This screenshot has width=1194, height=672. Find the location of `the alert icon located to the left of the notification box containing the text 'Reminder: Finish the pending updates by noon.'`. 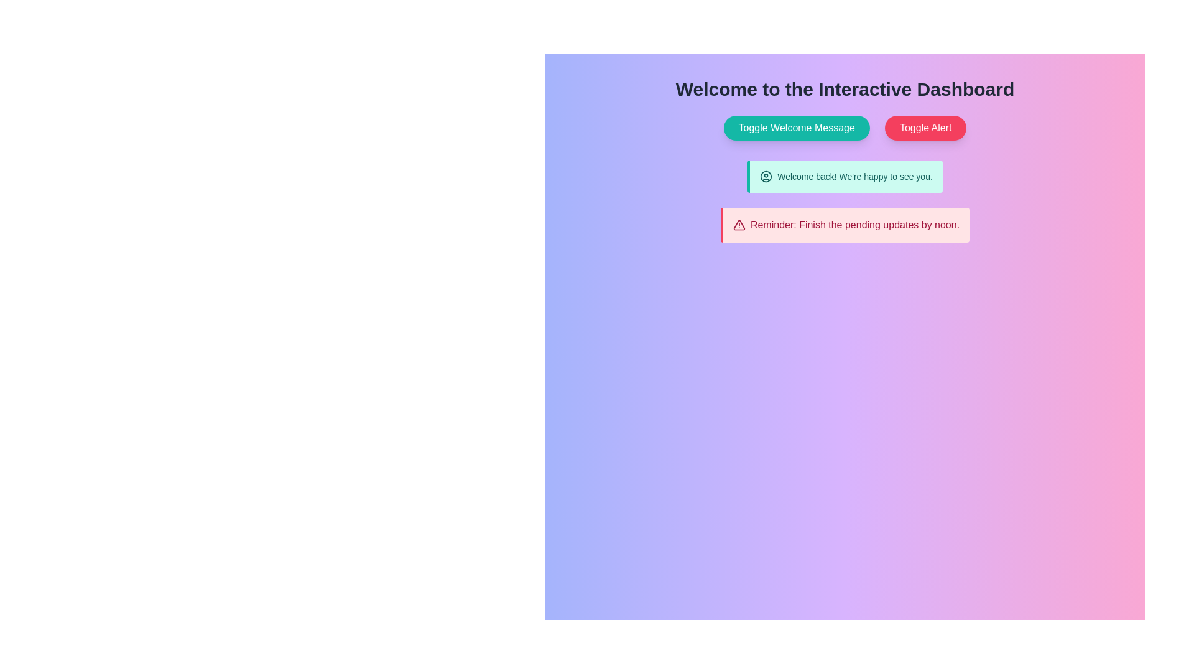

the alert icon located to the left of the notification box containing the text 'Reminder: Finish the pending updates by noon.' is located at coordinates (739, 225).